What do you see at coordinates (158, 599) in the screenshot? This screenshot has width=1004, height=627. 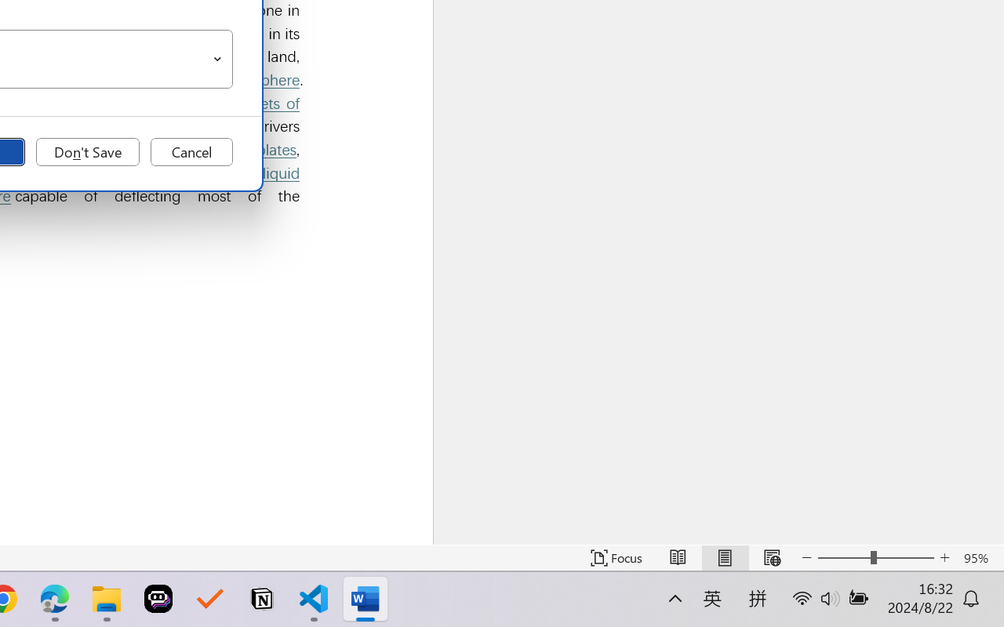 I see `'Poe'` at bounding box center [158, 599].